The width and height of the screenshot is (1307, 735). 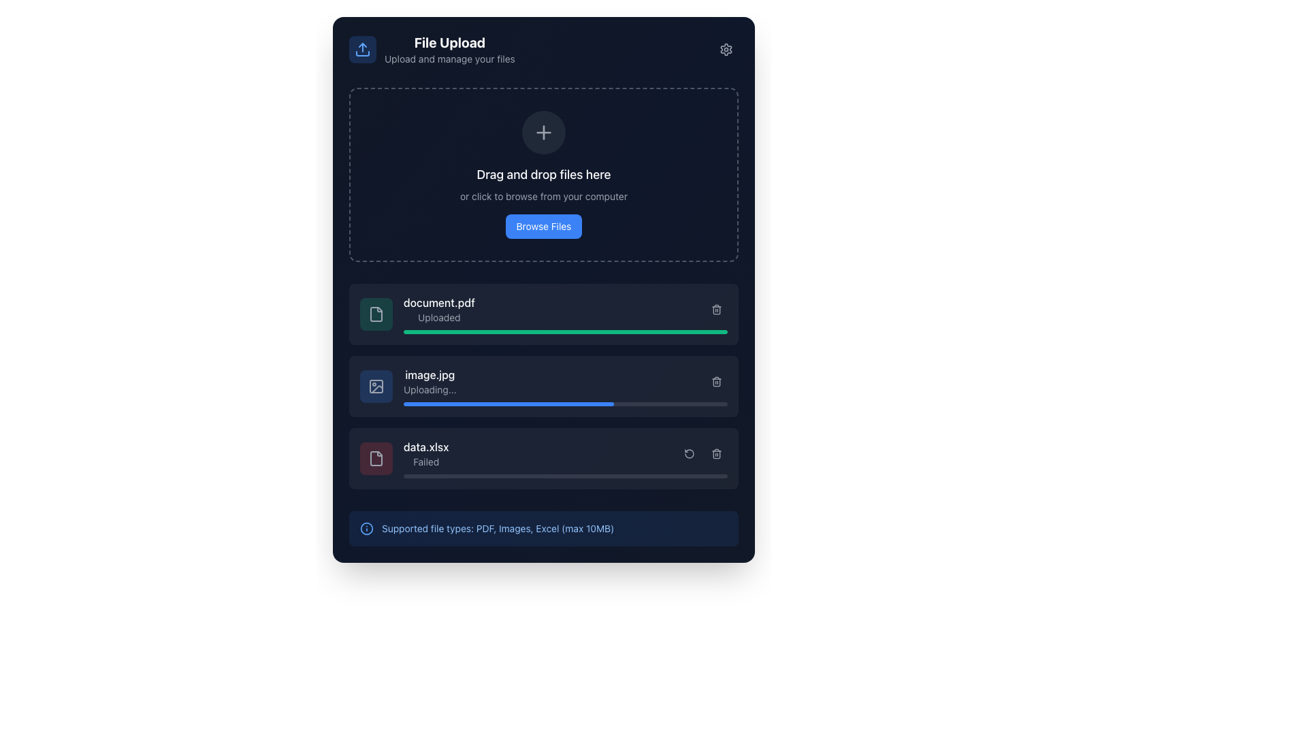 I want to click on static text label that instructs users to click and initiate the file selection process, located between the 'Drag and drop files here' text and the 'Browse Files' button, so click(x=543, y=197).